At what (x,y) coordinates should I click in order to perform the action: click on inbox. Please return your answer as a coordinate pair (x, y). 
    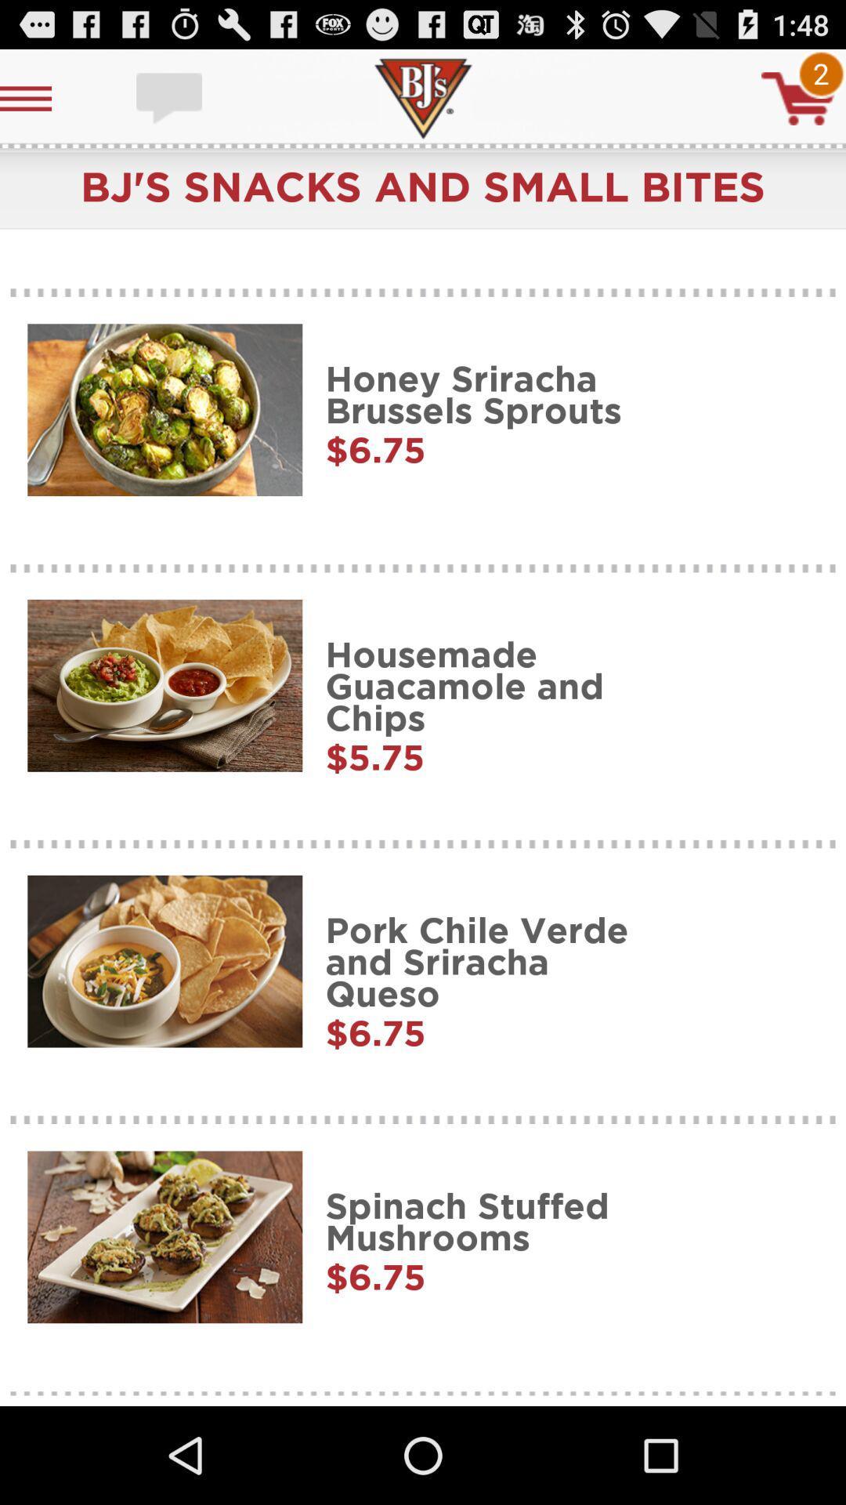
    Looking at the image, I should click on (171, 97).